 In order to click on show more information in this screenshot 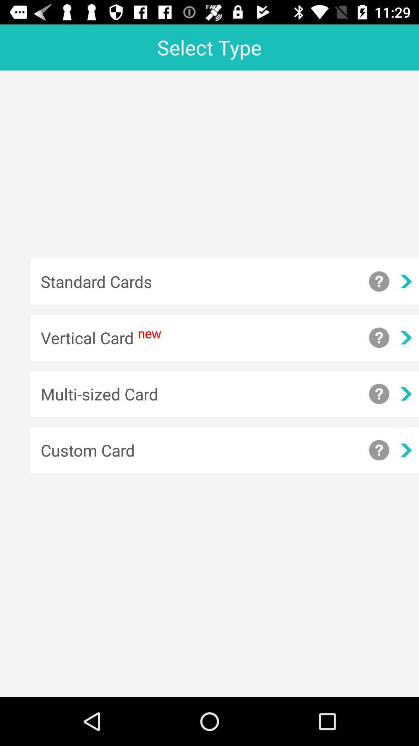, I will do `click(379, 394)`.